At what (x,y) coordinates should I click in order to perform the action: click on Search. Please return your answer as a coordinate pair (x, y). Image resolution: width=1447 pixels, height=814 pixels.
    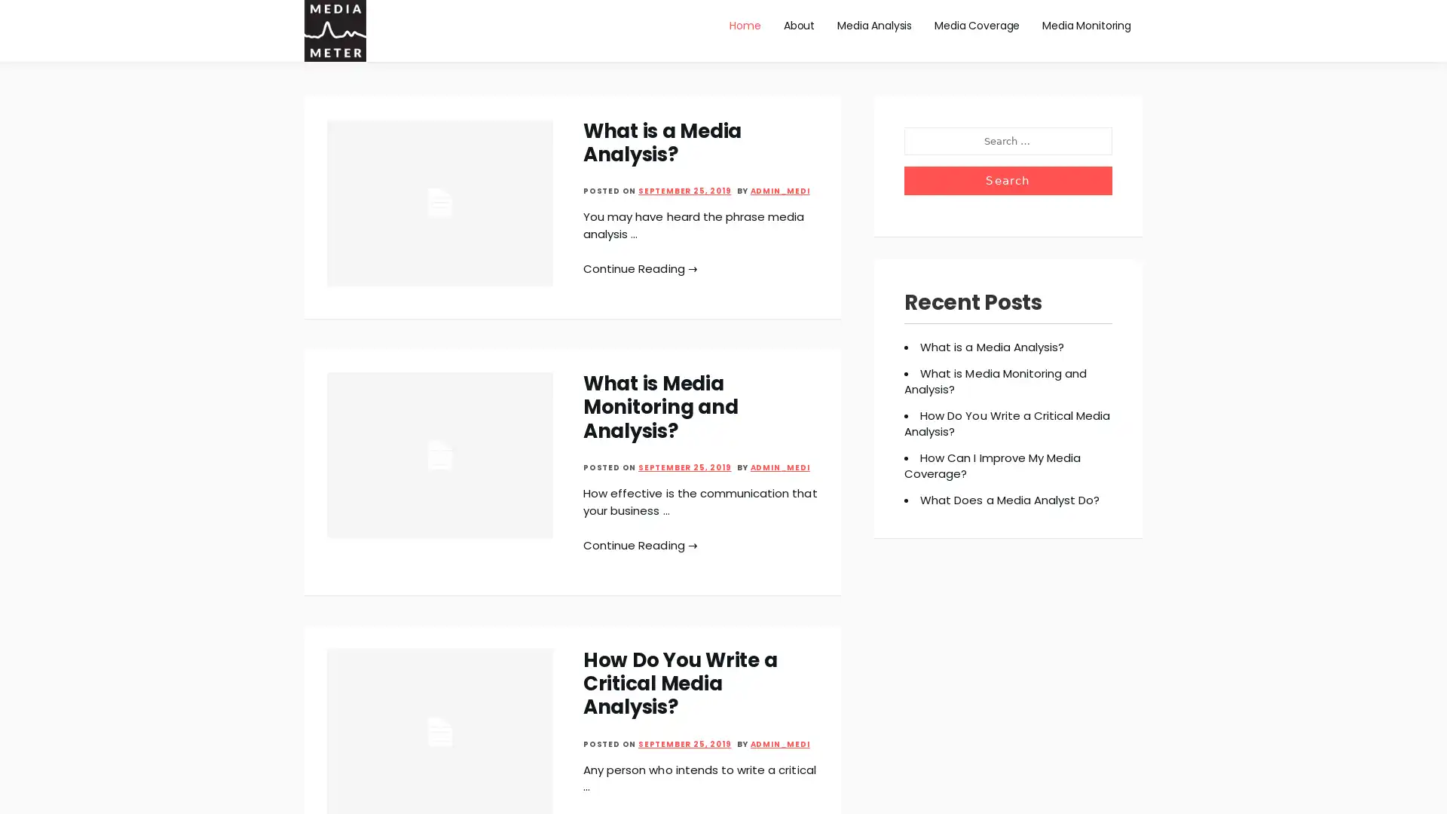
    Looking at the image, I should click on (1008, 179).